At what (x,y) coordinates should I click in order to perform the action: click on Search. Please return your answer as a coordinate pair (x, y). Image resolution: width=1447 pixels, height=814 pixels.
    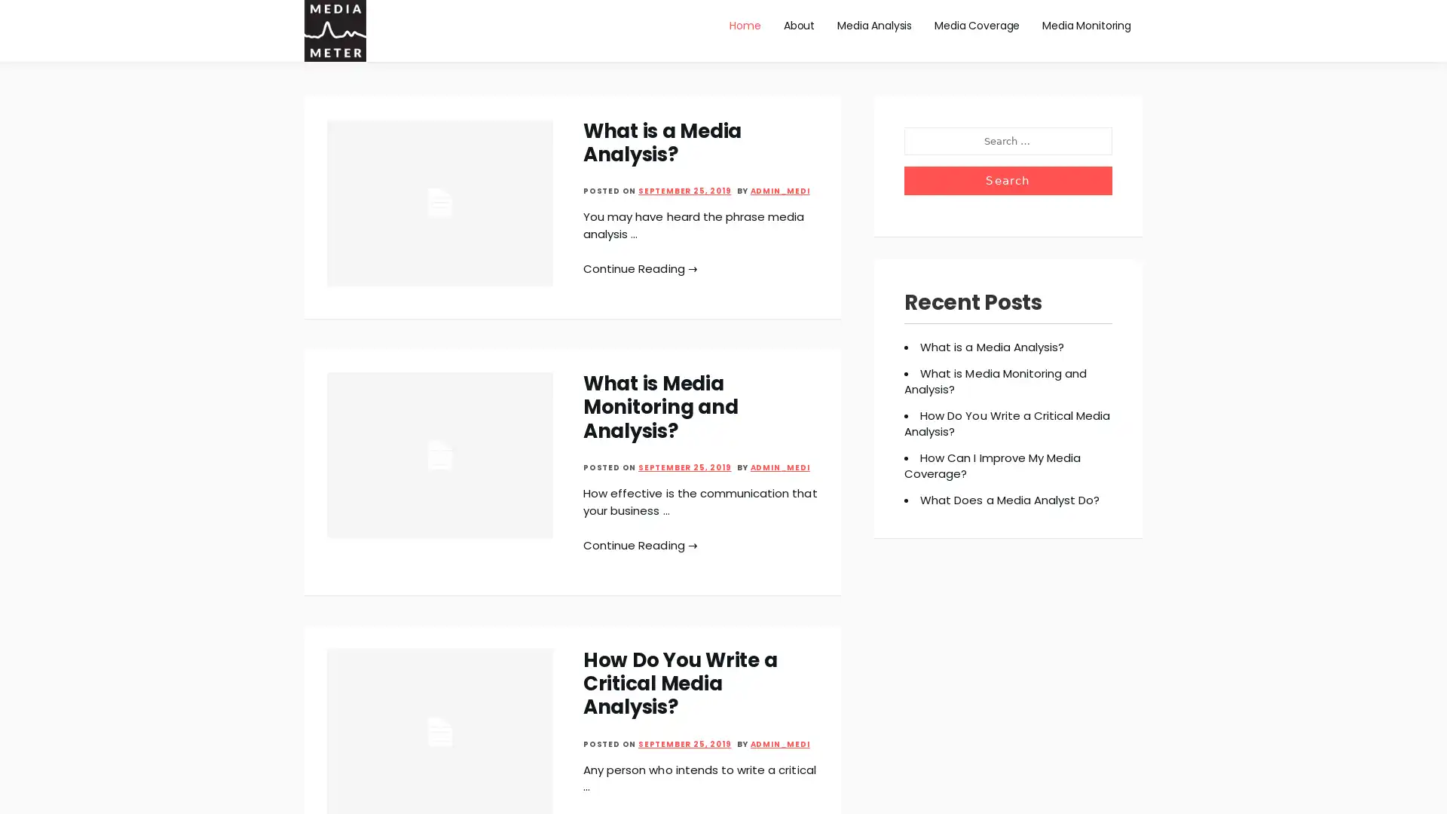
    Looking at the image, I should click on (1008, 179).